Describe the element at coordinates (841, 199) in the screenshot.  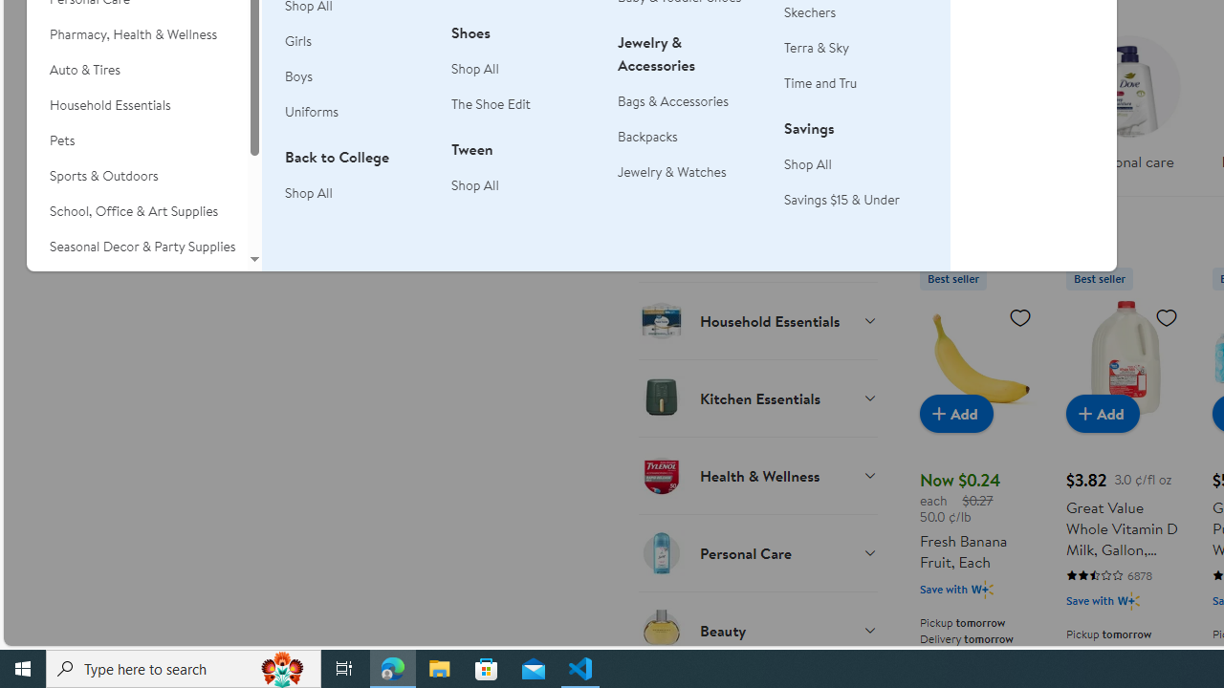
I see `'Savings $15 & Under'` at that location.